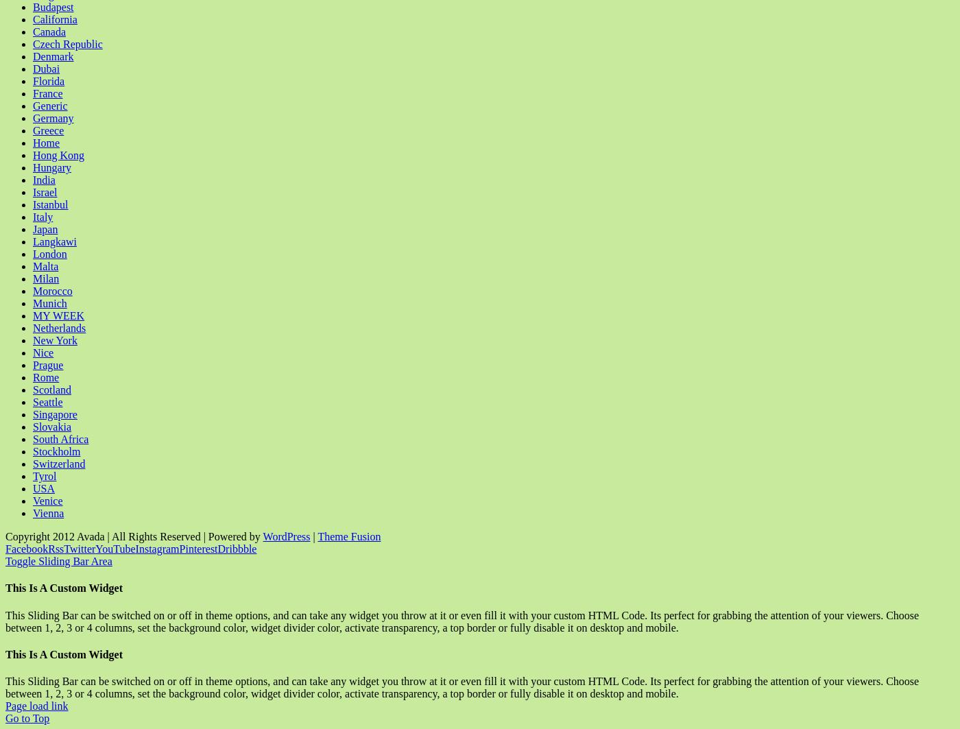 The image size is (960, 729). What do you see at coordinates (27, 548) in the screenshot?
I see `'Facebook'` at bounding box center [27, 548].